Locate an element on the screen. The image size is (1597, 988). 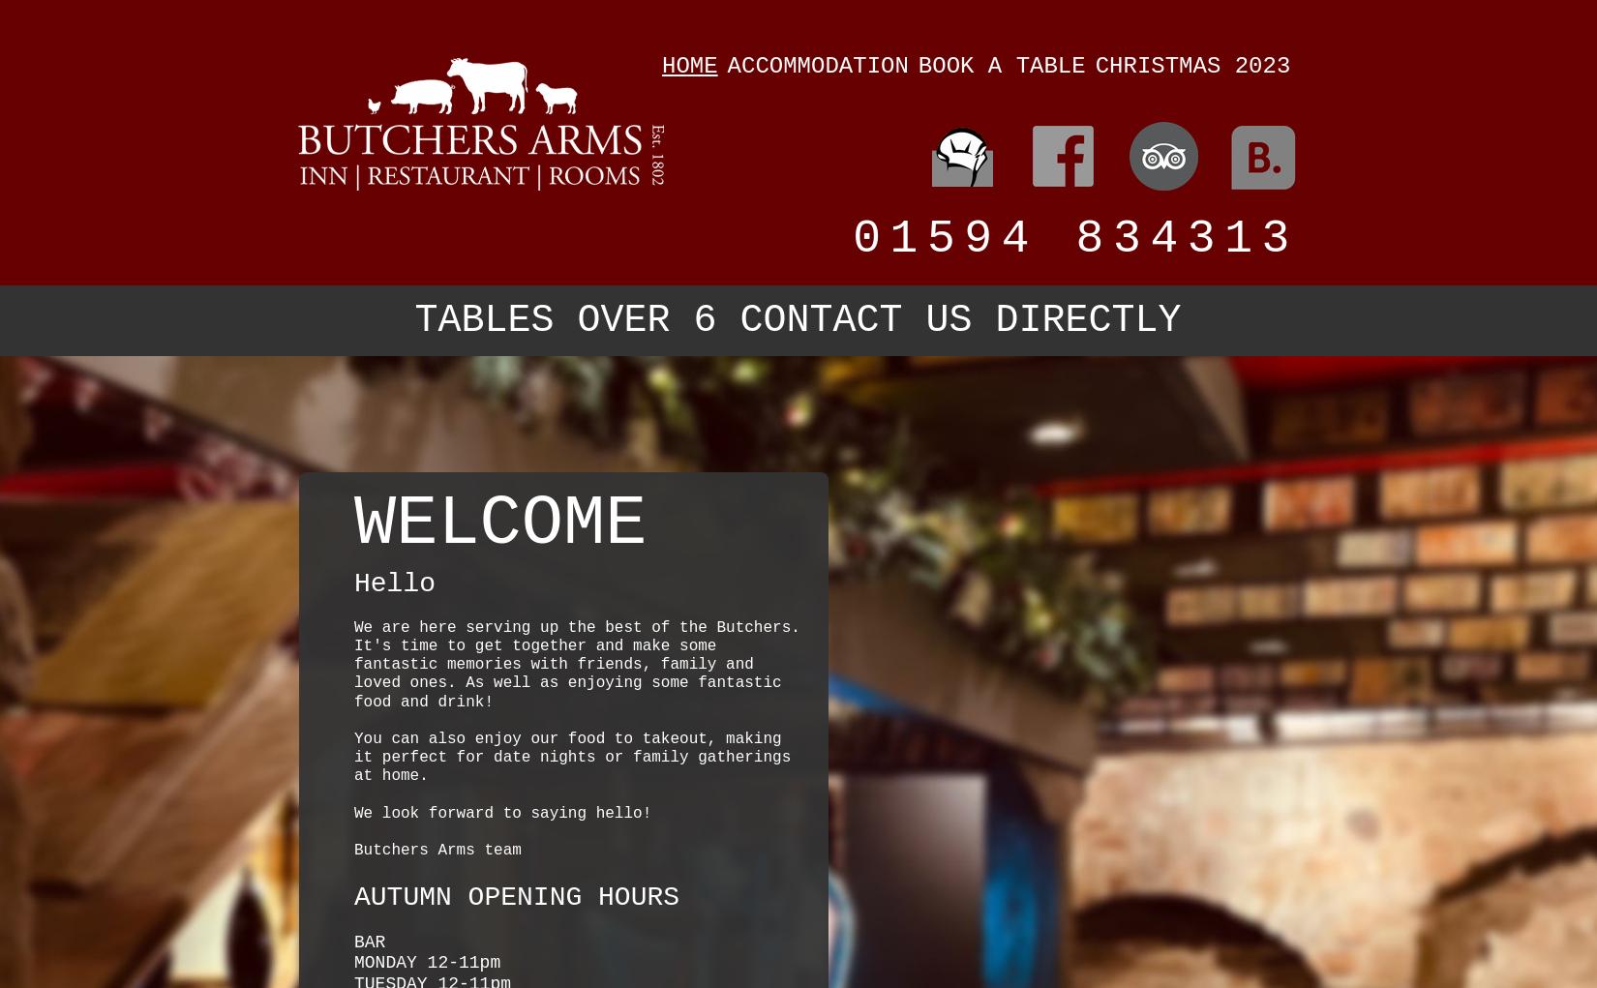
'You can also enjoy our food to takeout, making it perfect for date nights or family gatherings at home.' is located at coordinates (571, 757).